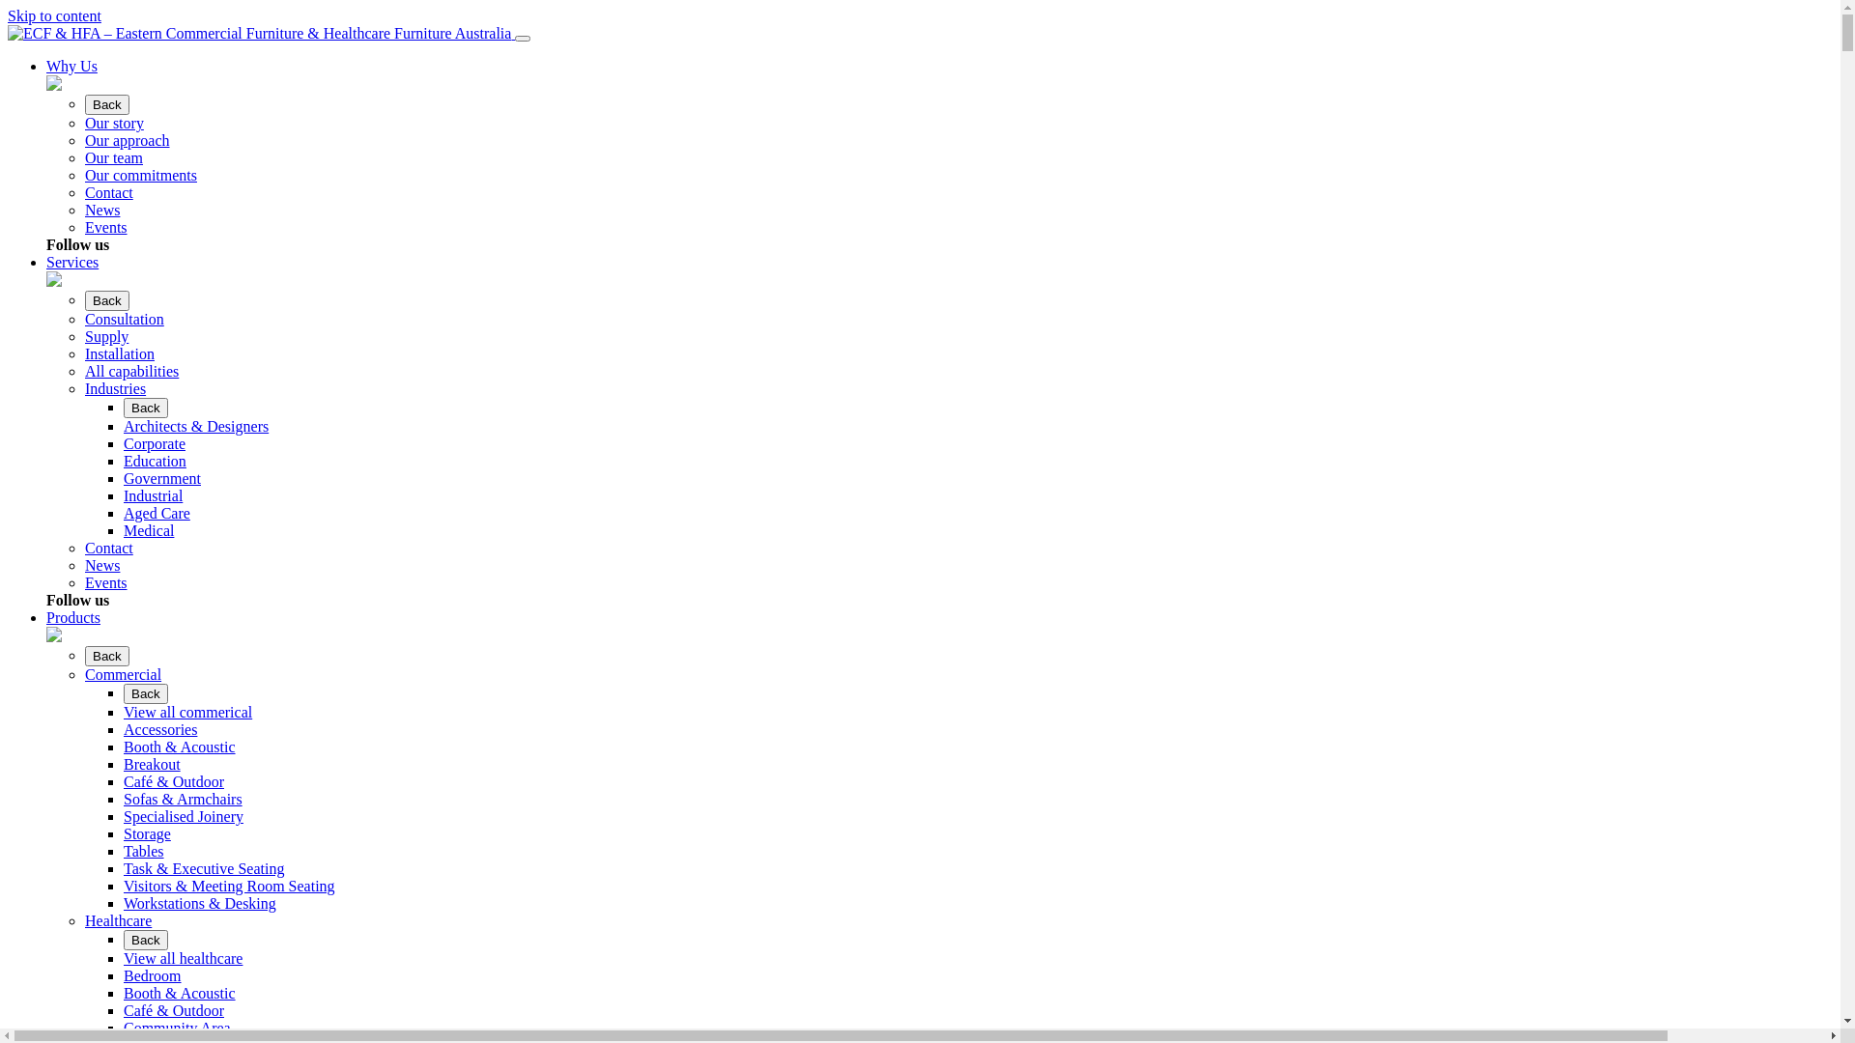 This screenshot has width=1855, height=1043. Describe the element at coordinates (108, 548) in the screenshot. I see `'Contact'` at that location.